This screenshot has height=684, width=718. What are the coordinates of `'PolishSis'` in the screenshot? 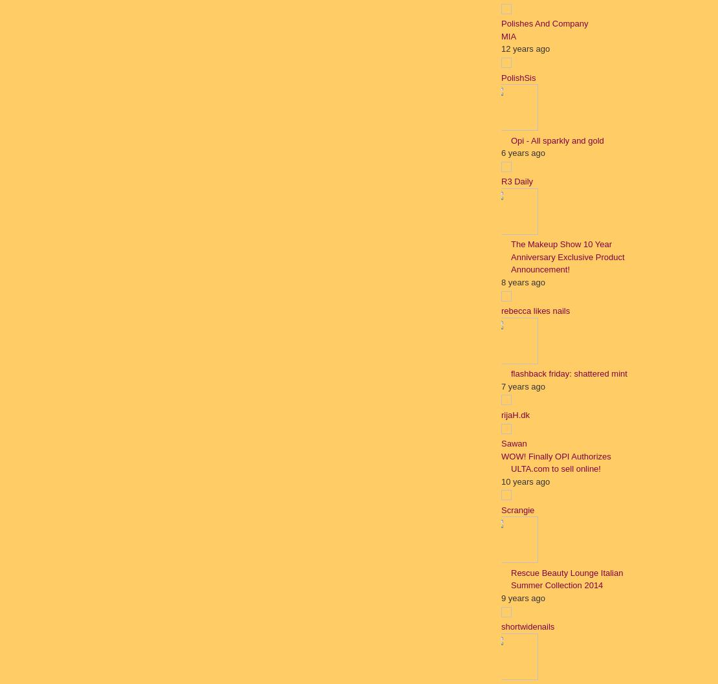 It's located at (518, 76).